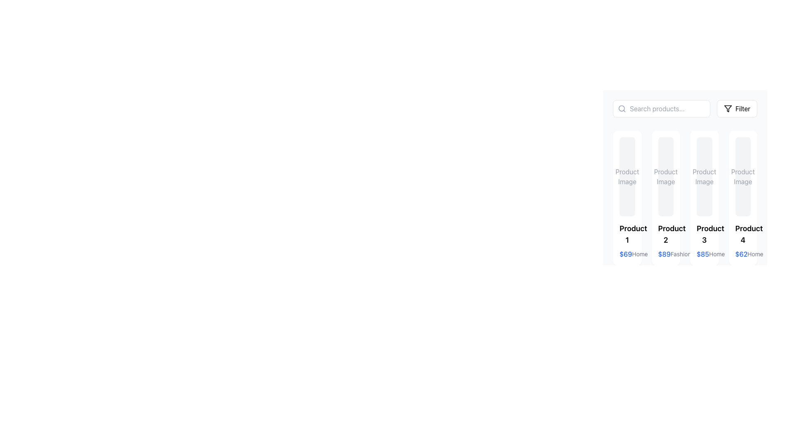 The width and height of the screenshot is (792, 445). What do you see at coordinates (704, 254) in the screenshot?
I see `the price text ('$85') or category text ('Home') of the third product card located in the lower section below the 'Product 3' title` at bounding box center [704, 254].